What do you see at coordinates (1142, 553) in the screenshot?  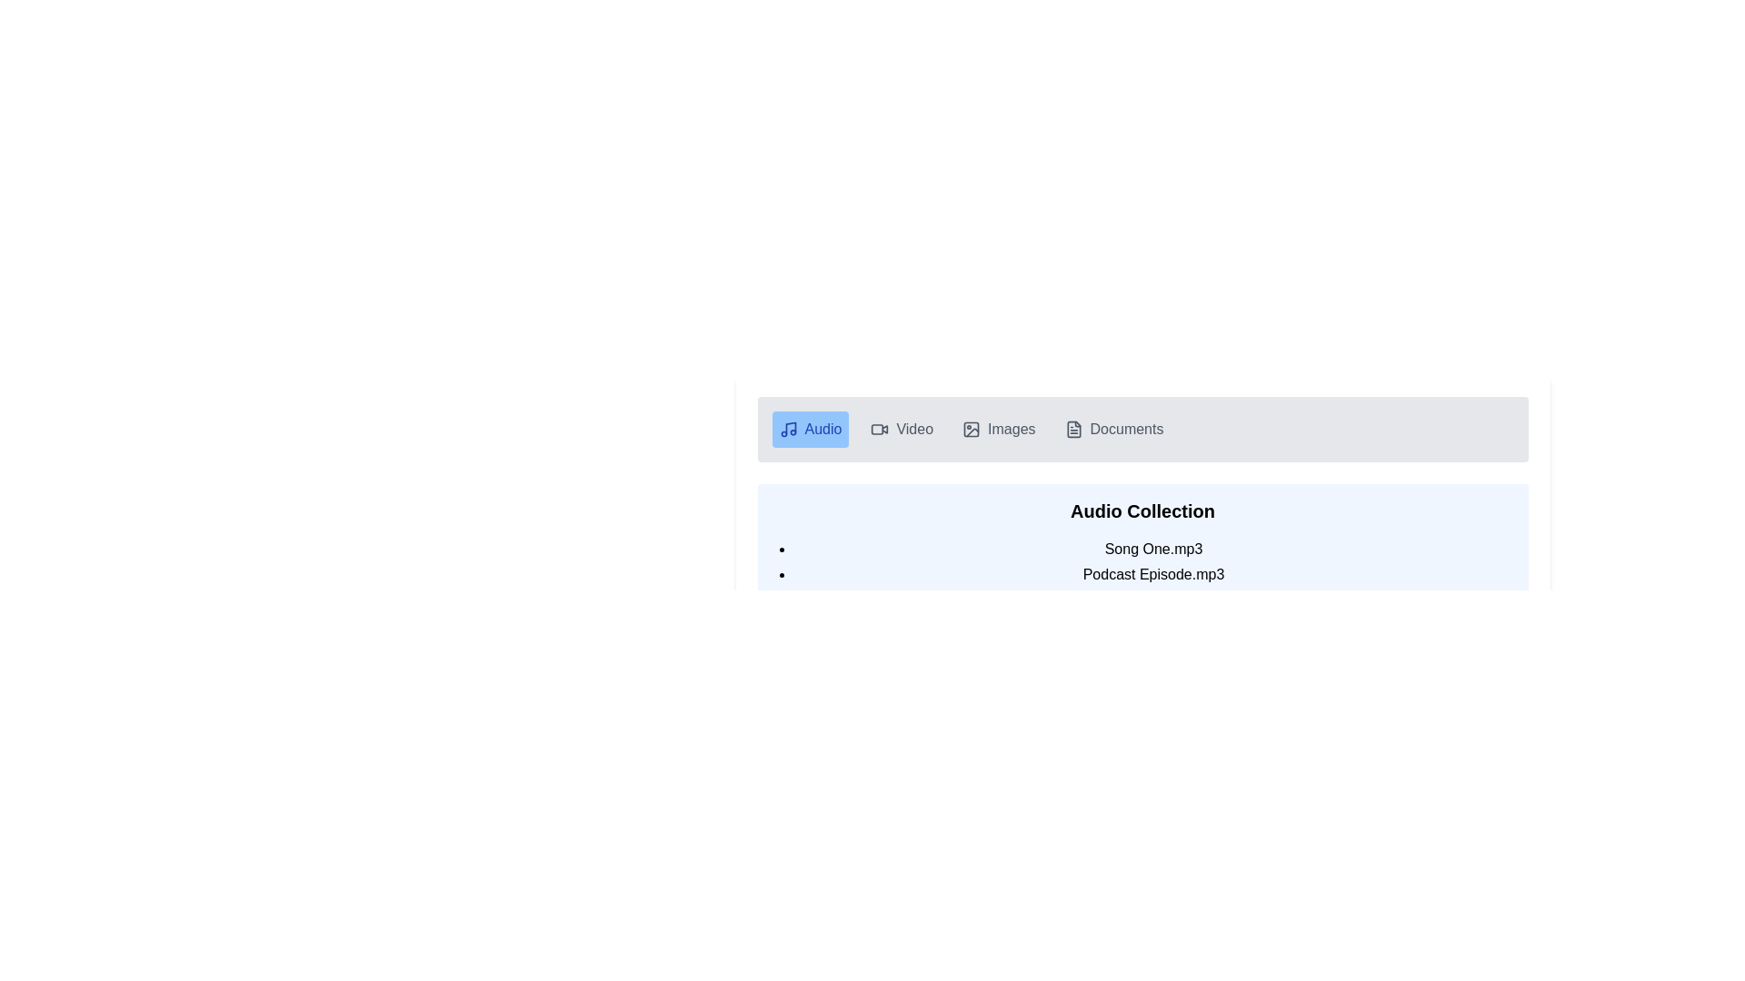 I see `the linked content in the audio files display area, which is identified as the main content section below the navigation menu` at bounding box center [1142, 553].